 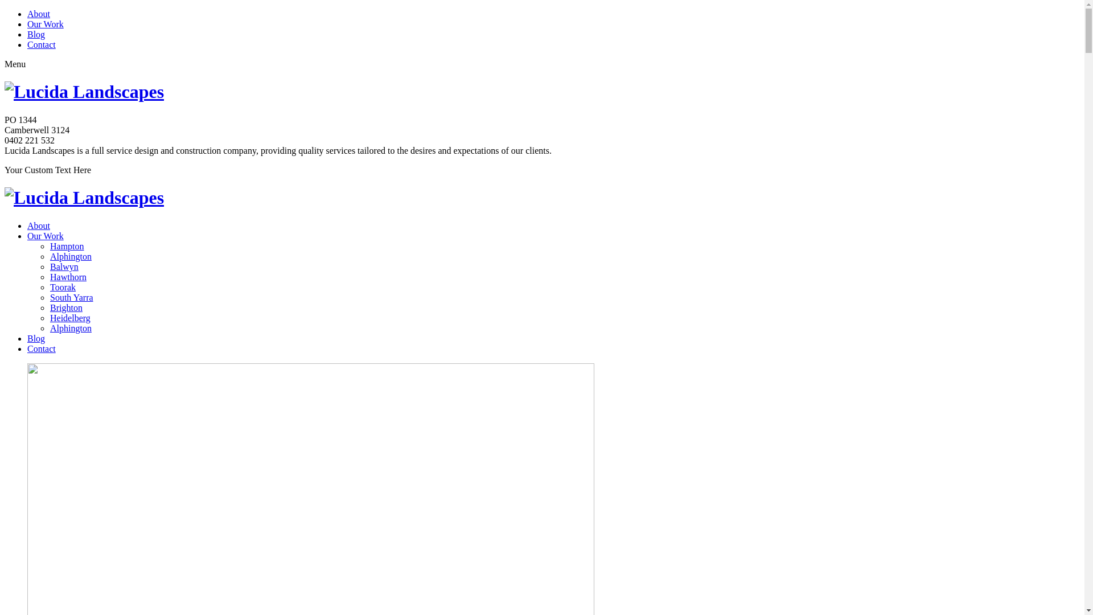 I want to click on 'Heidelberg', so click(x=69, y=318).